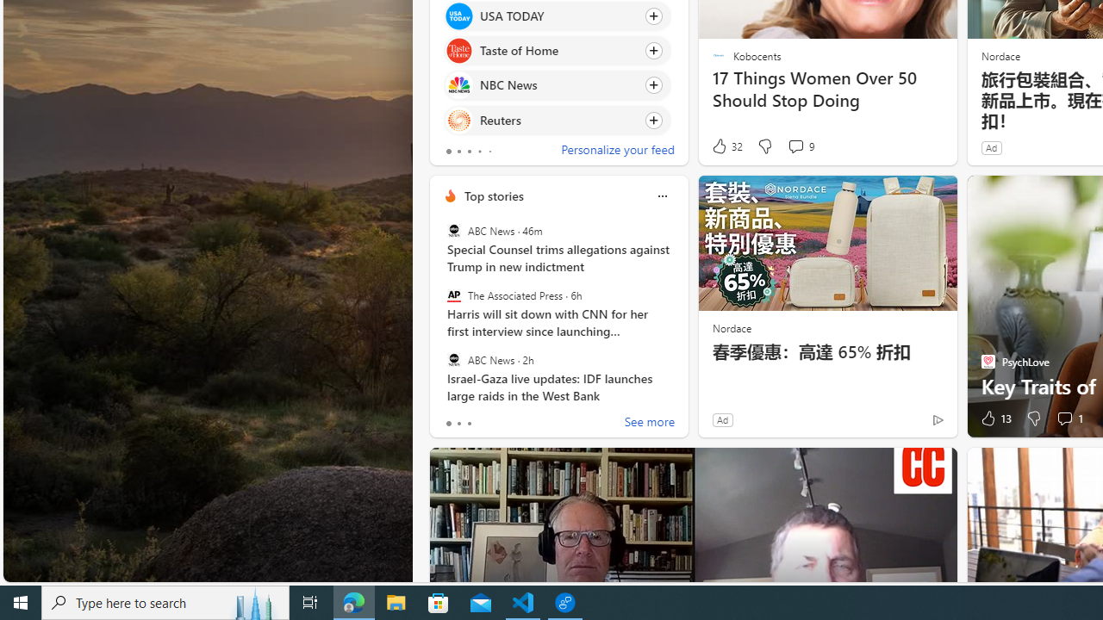 Image resolution: width=1103 pixels, height=620 pixels. I want to click on 'Click to follow source NBC News', so click(558, 85).